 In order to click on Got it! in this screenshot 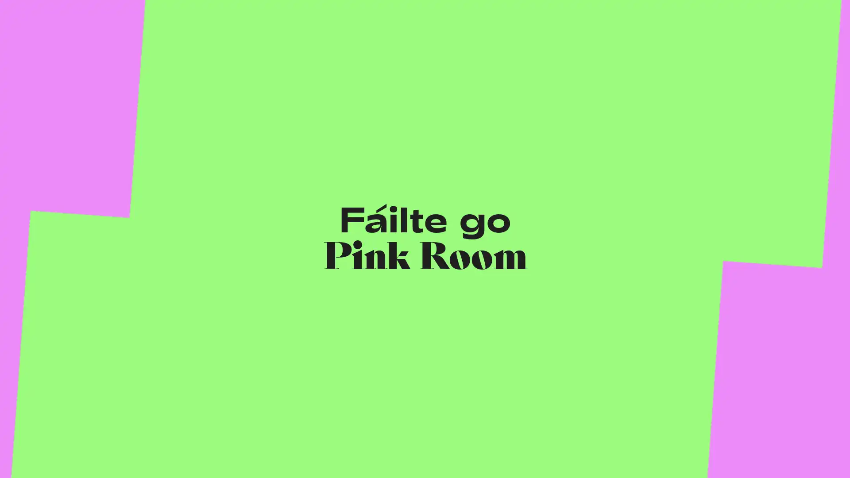, I will do `click(34, 451)`.